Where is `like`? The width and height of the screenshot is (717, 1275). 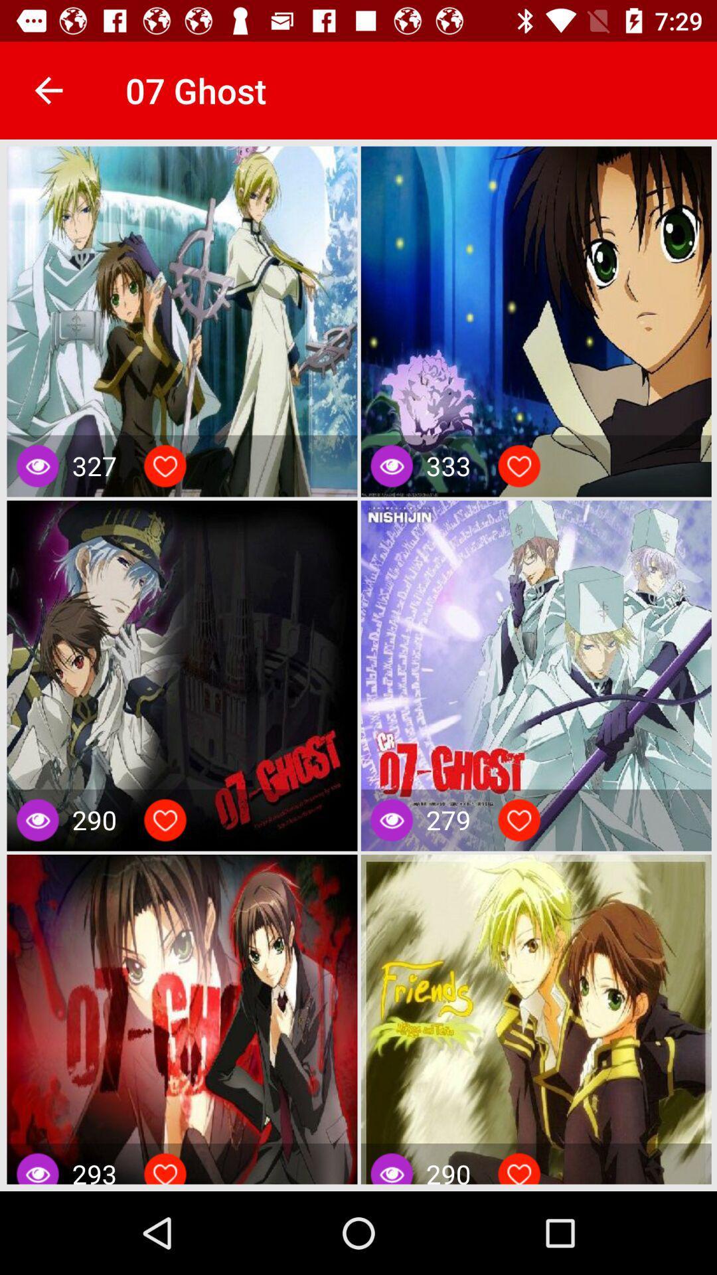 like is located at coordinates (518, 466).